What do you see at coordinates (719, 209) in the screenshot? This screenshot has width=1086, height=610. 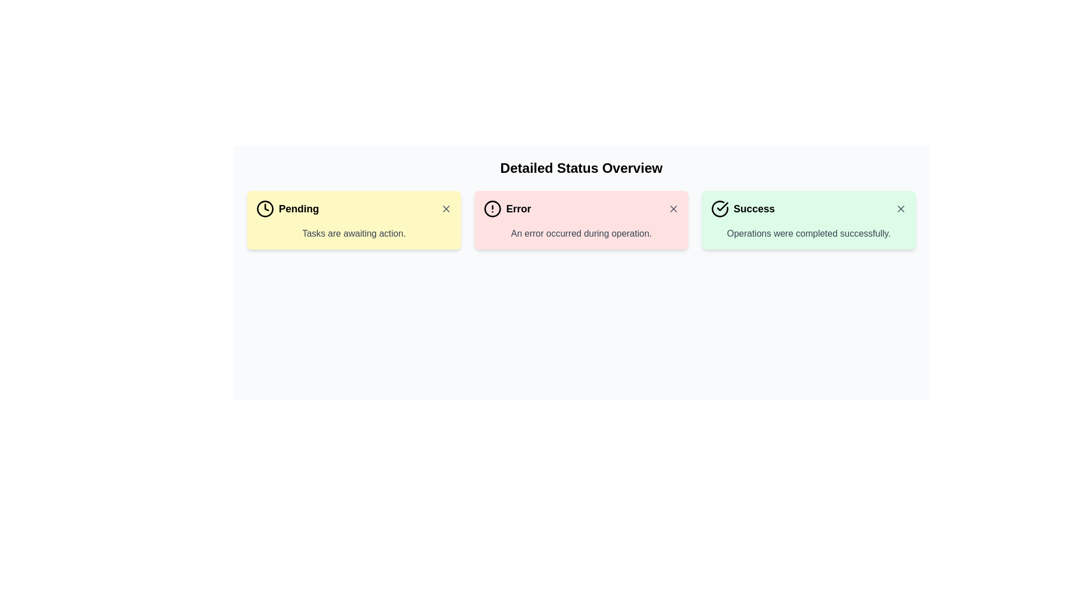 I see `the success icon located in the far right section of the three-column layout, which indicates a positive outcome and precedes the label text 'Success'` at bounding box center [719, 209].